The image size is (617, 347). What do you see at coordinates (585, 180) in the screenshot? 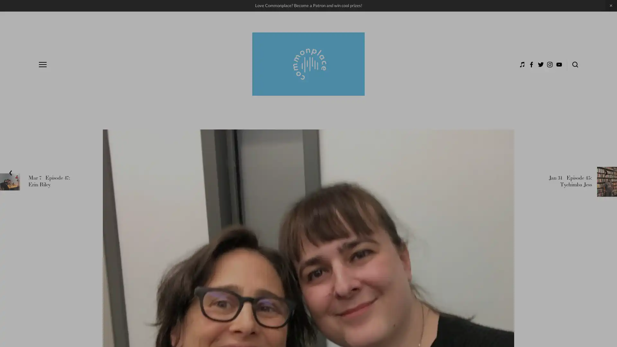
I see `Close` at bounding box center [585, 180].